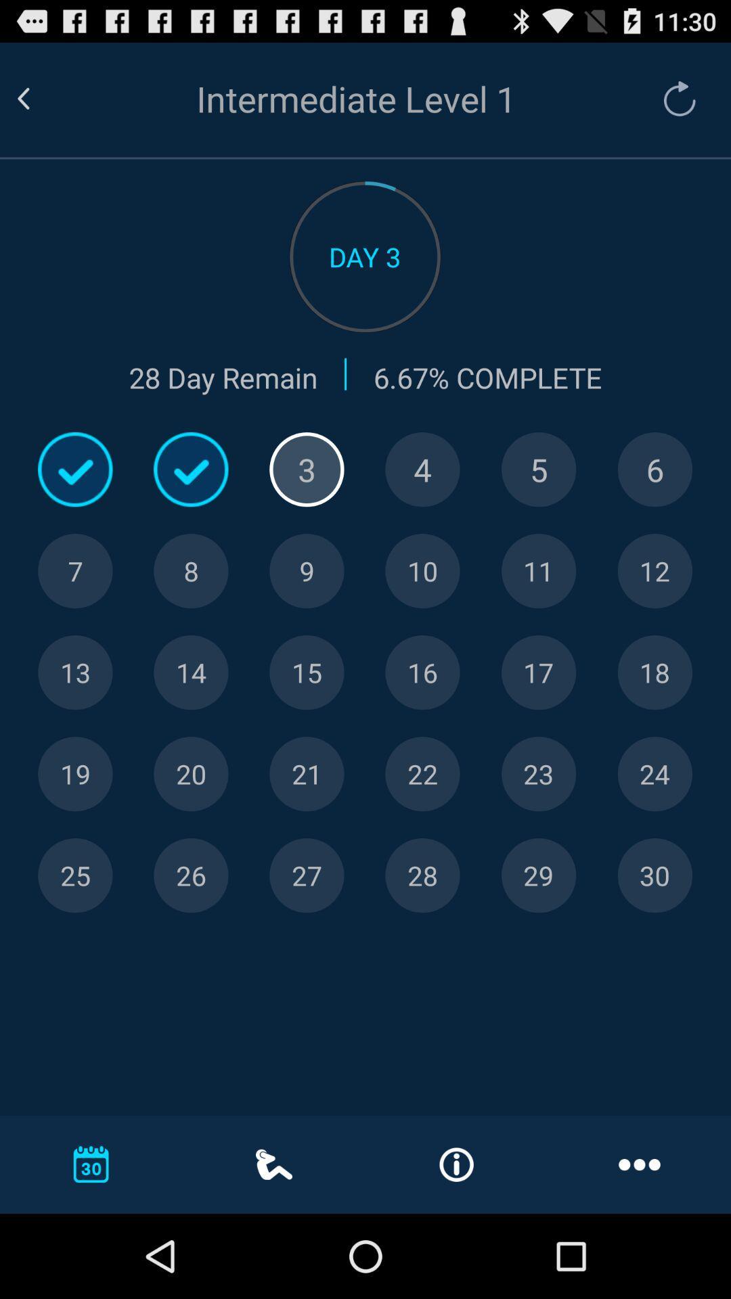 The image size is (731, 1299). I want to click on the check icon, so click(191, 501).